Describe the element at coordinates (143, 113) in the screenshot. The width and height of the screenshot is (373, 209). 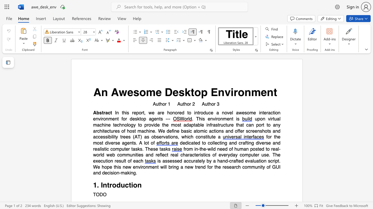
I see `the 2th character "t" in the text` at that location.